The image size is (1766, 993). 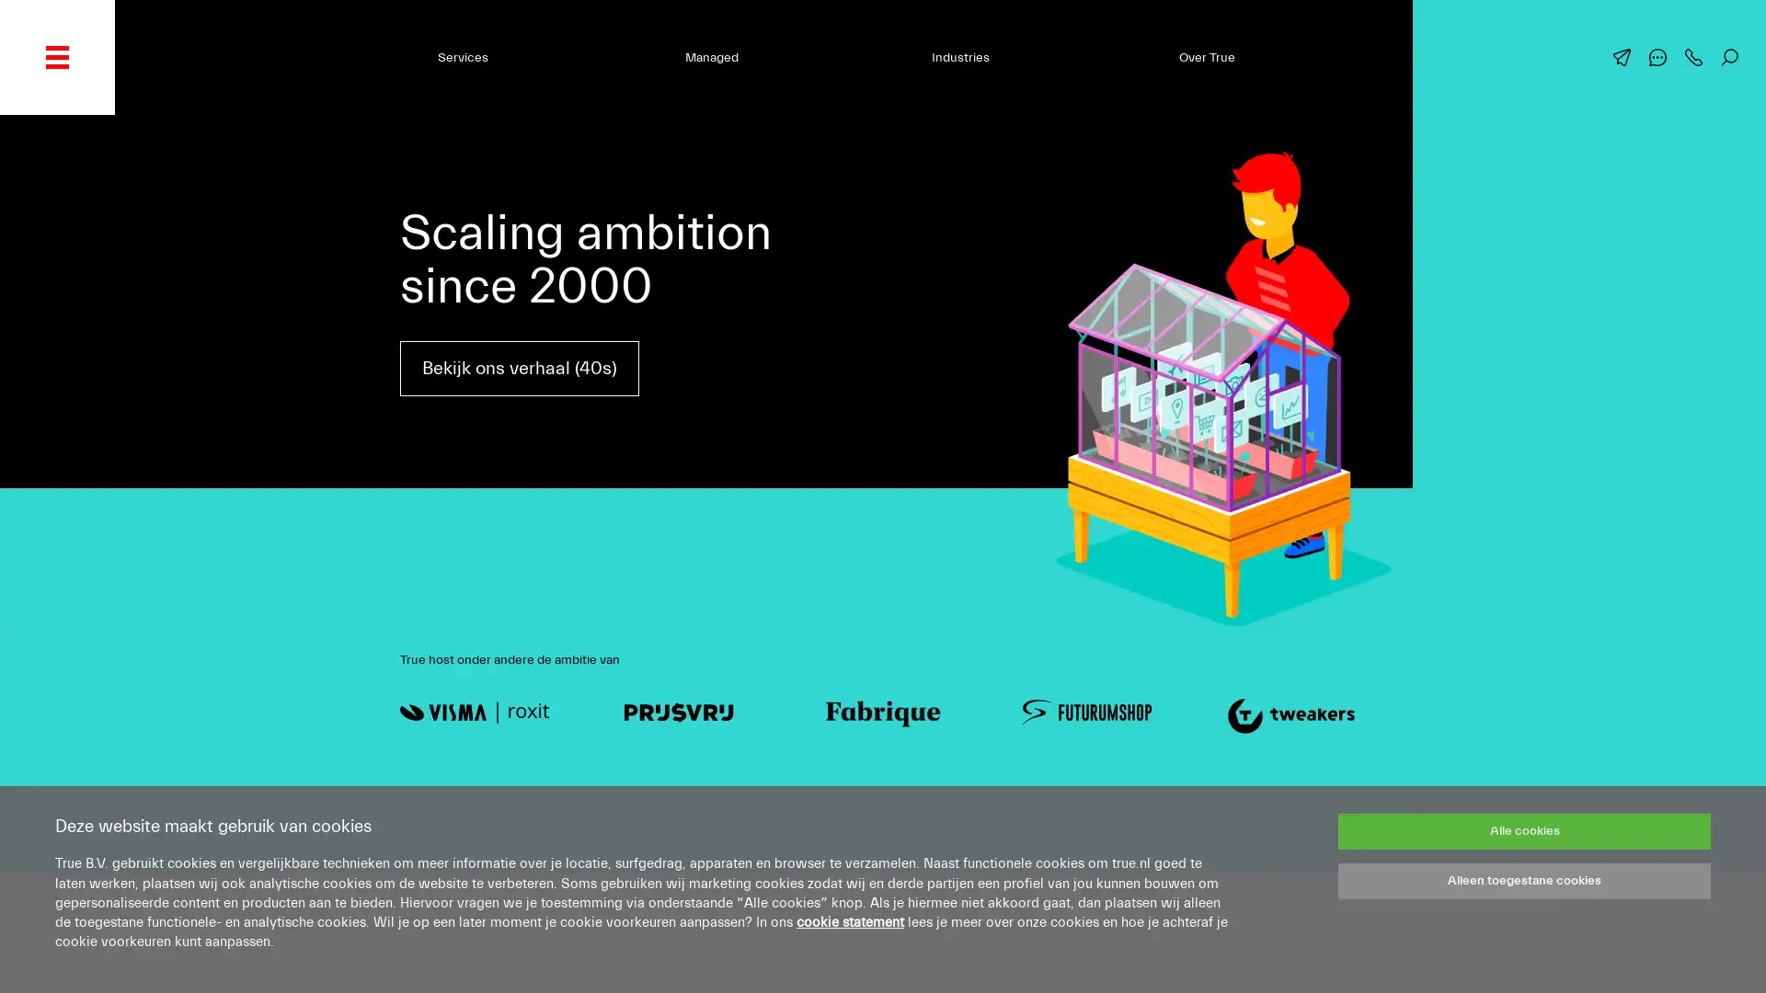 I want to click on Bekijk ons verhaal (40s), so click(x=519, y=369).